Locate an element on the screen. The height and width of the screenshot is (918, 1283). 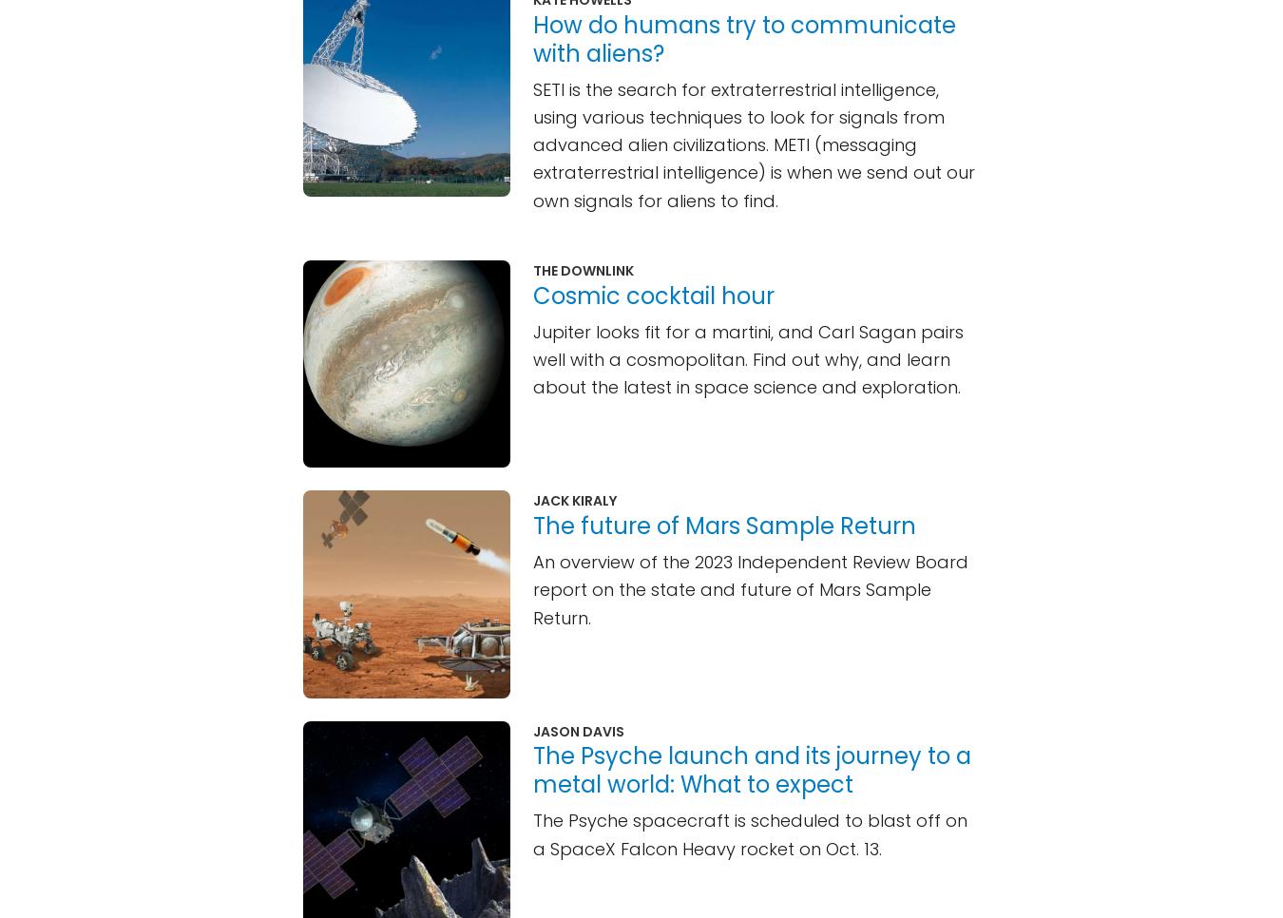
'Jack Kiraly' is located at coordinates (574, 500).